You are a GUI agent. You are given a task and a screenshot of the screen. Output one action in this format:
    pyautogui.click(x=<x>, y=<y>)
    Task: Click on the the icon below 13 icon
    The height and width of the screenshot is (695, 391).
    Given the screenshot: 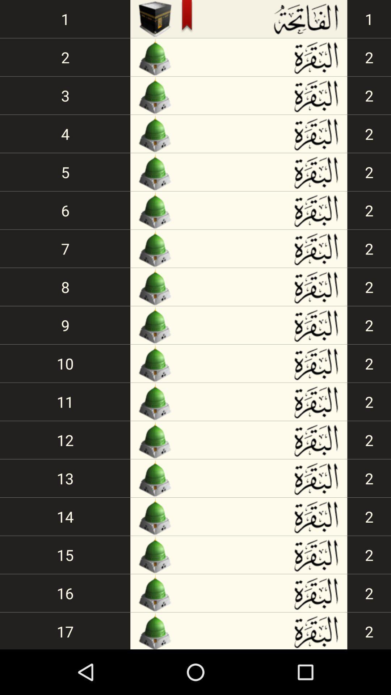 What is the action you would take?
    pyautogui.click(x=65, y=516)
    